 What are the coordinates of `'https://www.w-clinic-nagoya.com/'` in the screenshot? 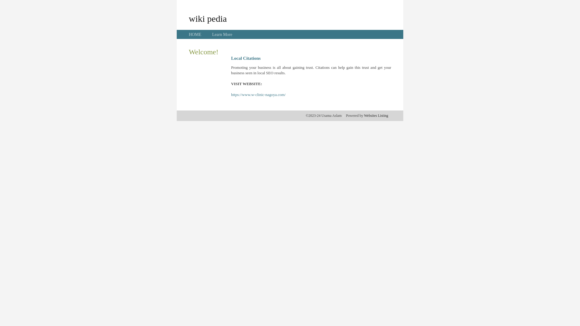 It's located at (258, 94).